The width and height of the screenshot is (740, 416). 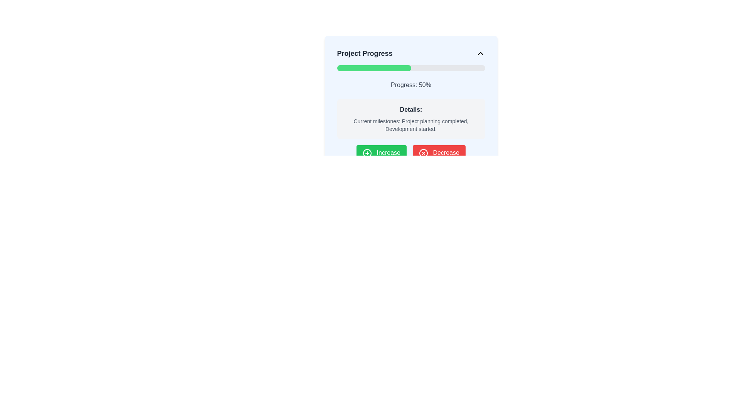 What do you see at coordinates (423, 153) in the screenshot?
I see `the circular icon with a red border and white 'X' inside, located within the 'Decrease' button to the left of the text 'Decrease', at the bottom-right of the 'Project Progress' card` at bounding box center [423, 153].